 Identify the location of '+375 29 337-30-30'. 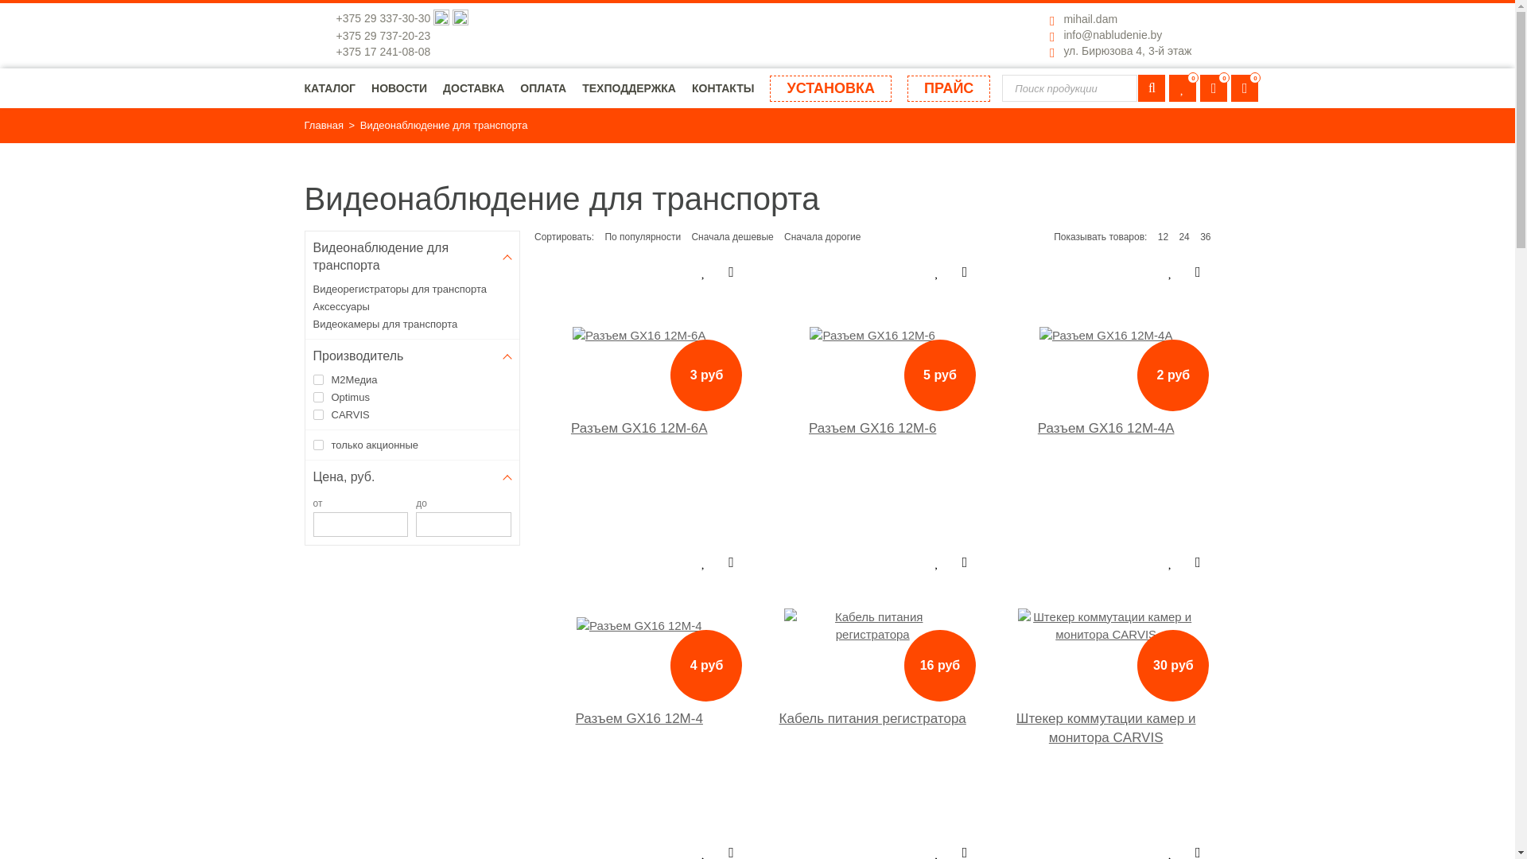
(384, 18).